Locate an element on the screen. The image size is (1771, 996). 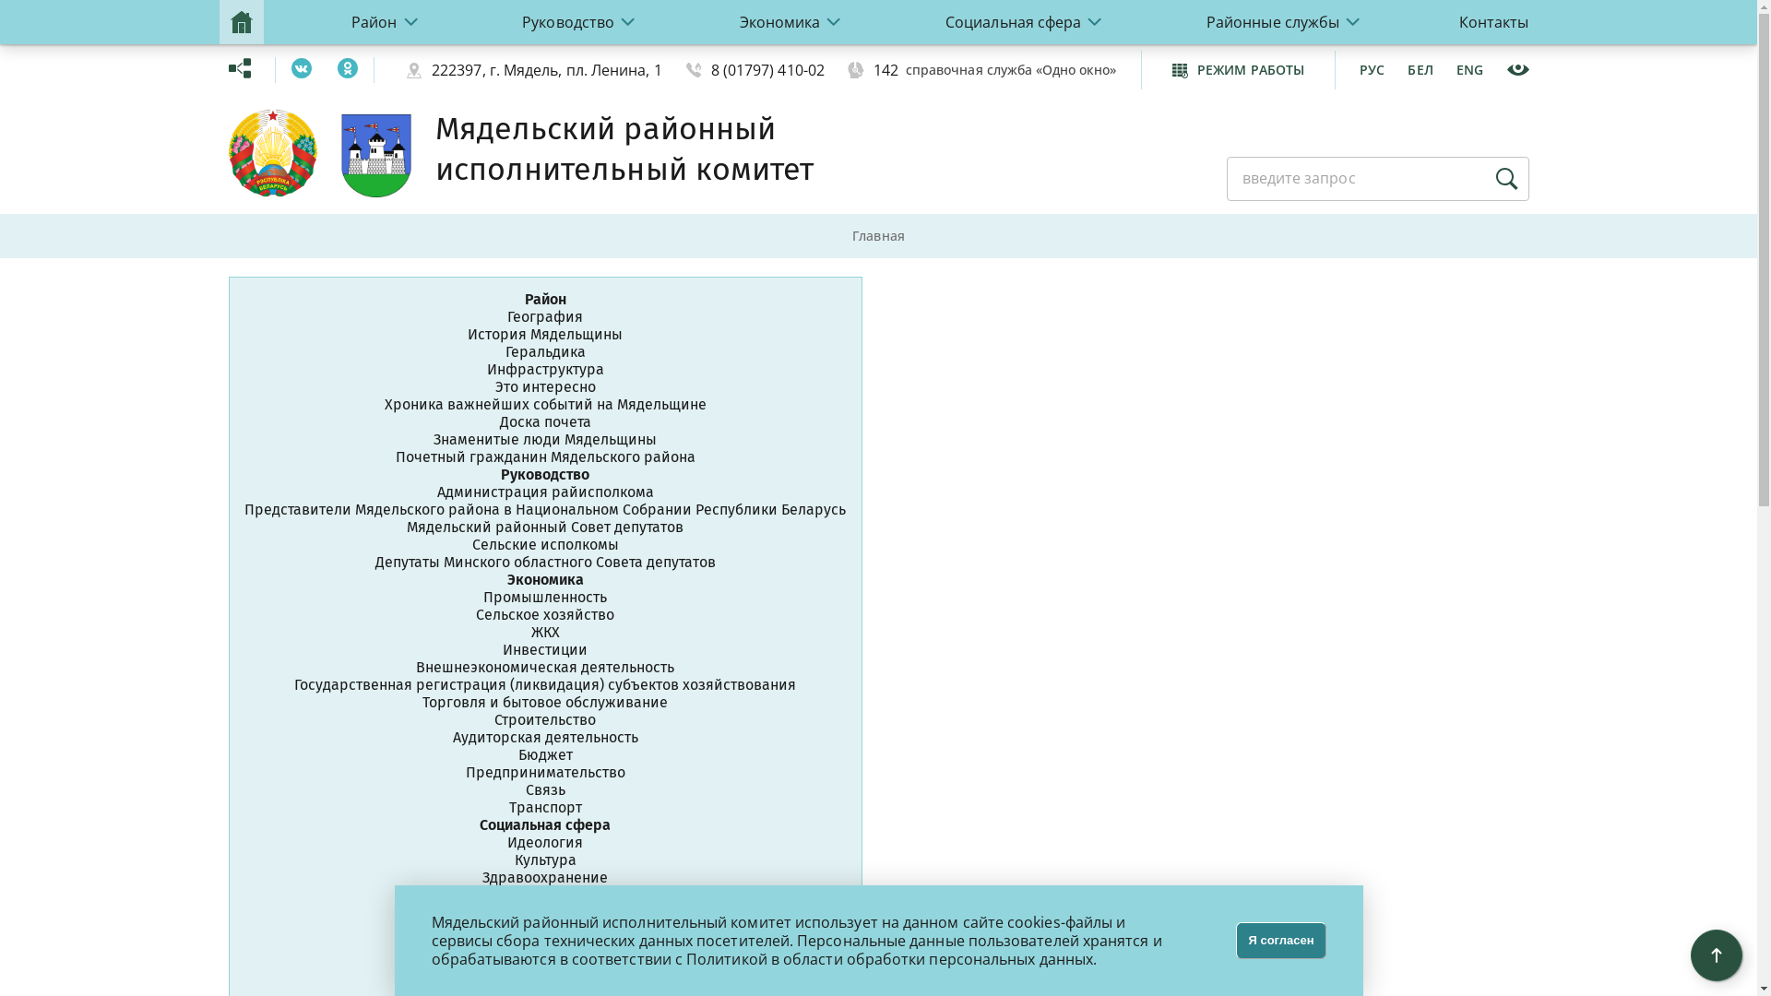
'8 (01797) 410-02' is located at coordinates (767, 69).